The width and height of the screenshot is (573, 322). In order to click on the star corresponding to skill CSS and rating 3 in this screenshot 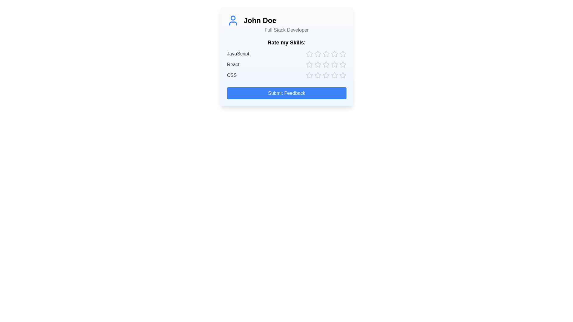, I will do `click(326, 75)`.